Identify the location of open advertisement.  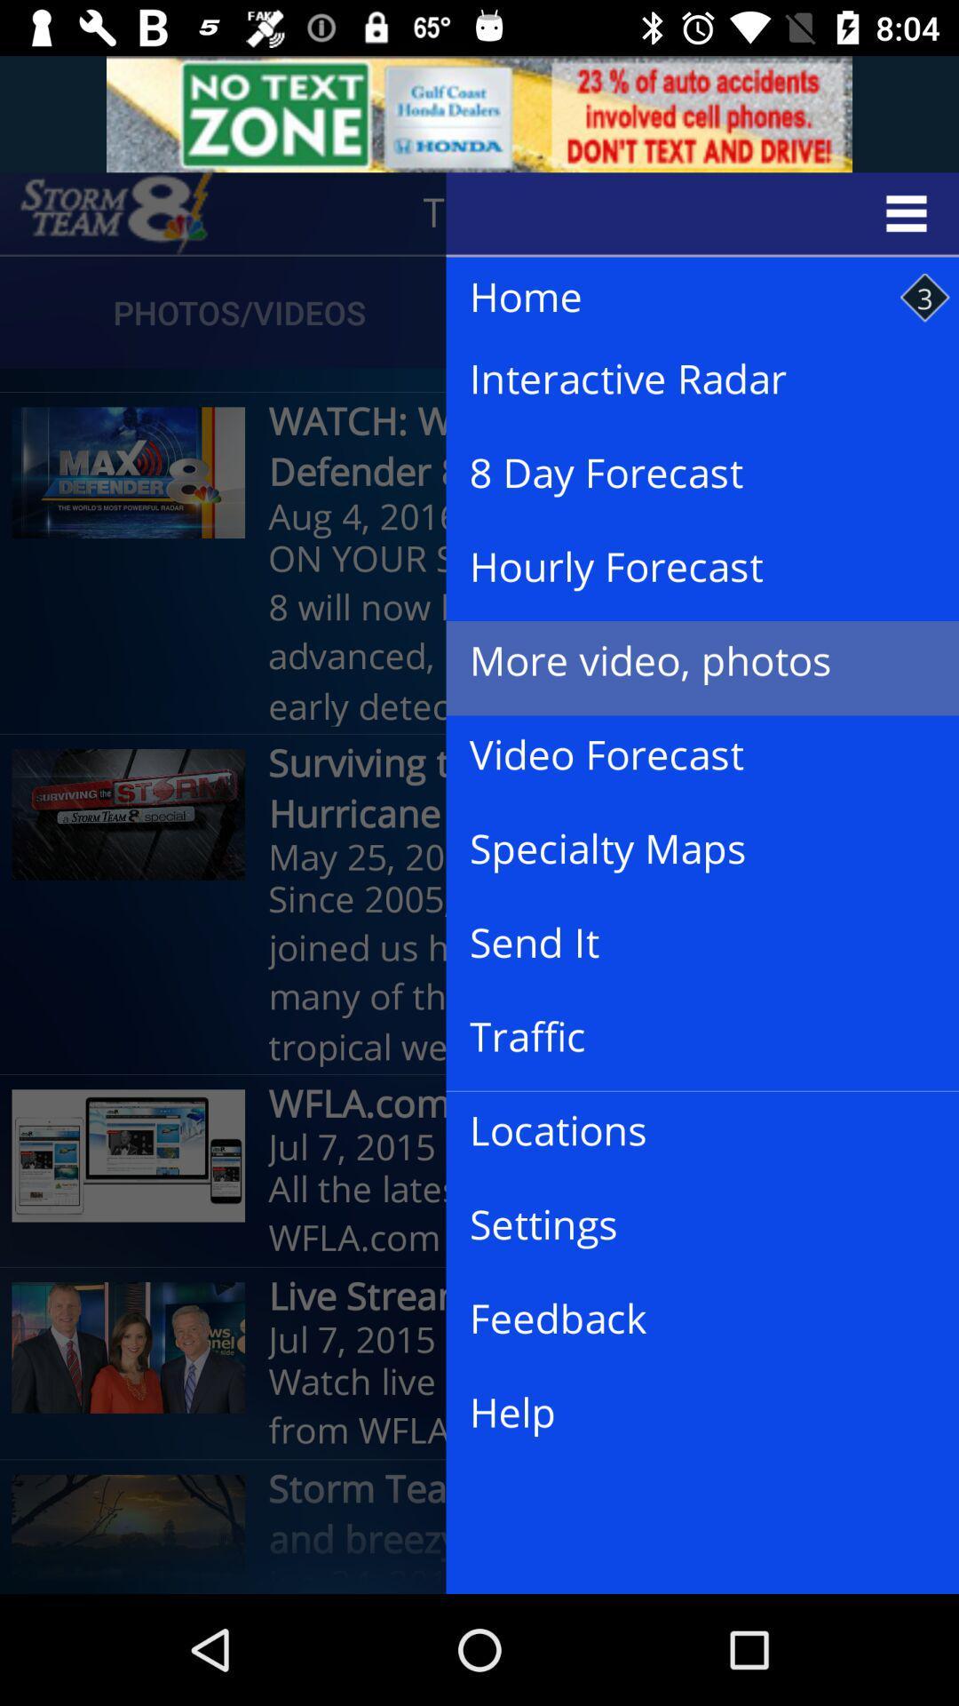
(479, 113).